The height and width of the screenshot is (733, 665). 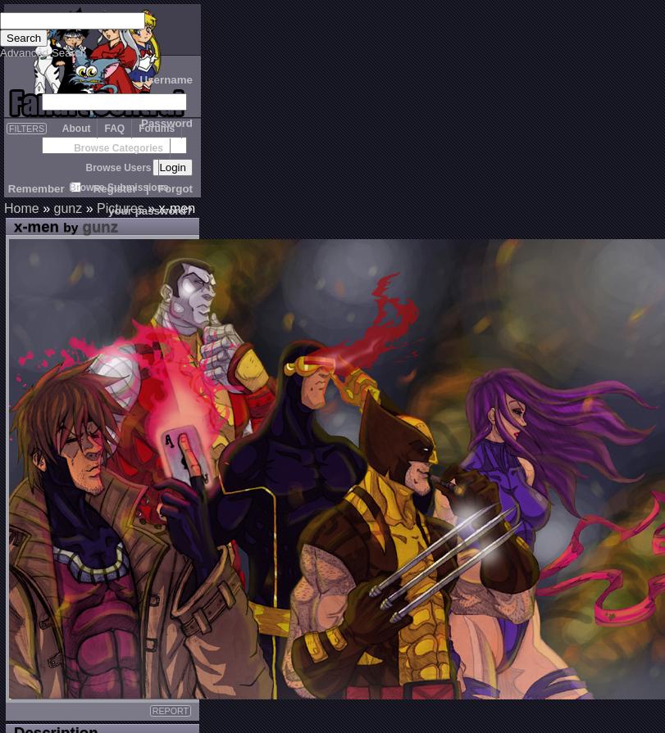 What do you see at coordinates (84, 168) in the screenshot?
I see `'Browse Users'` at bounding box center [84, 168].